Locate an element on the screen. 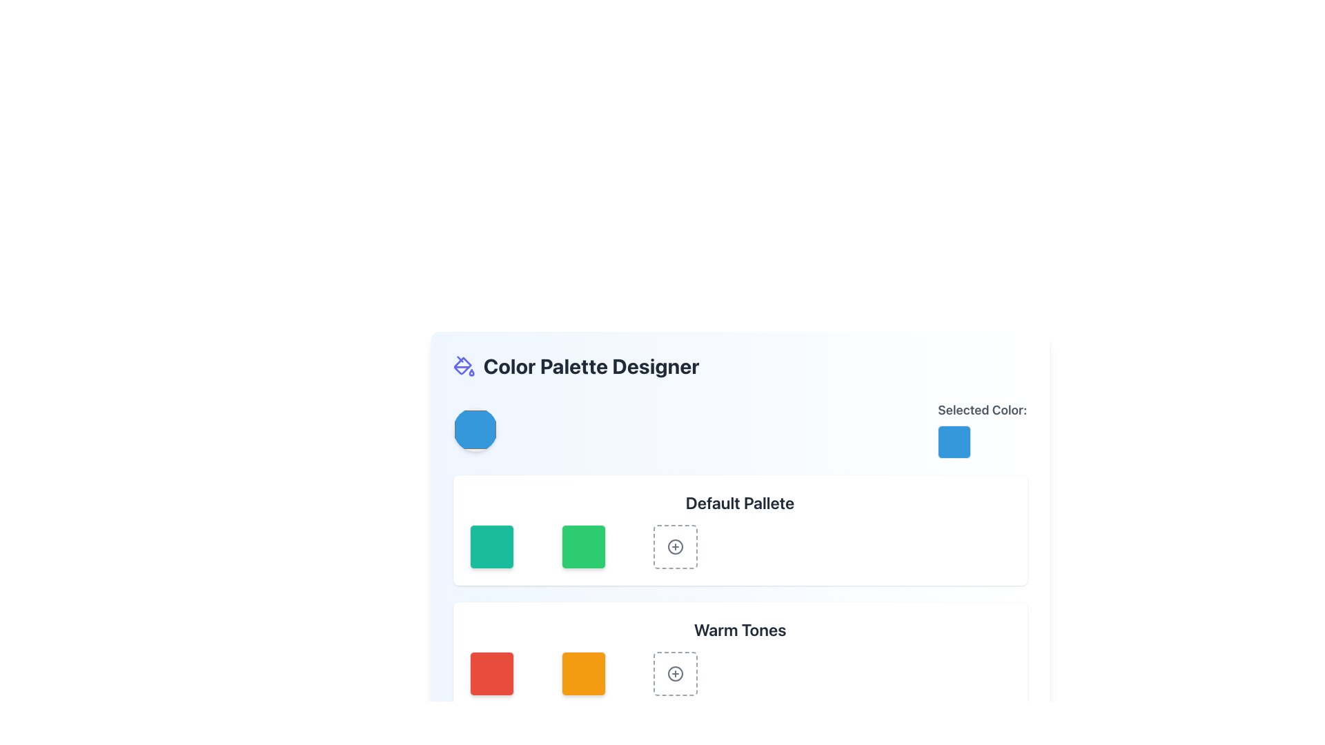 The width and height of the screenshot is (1325, 745). the first square block with a green fill in the 'Default Palette' section is located at coordinates (509, 546).